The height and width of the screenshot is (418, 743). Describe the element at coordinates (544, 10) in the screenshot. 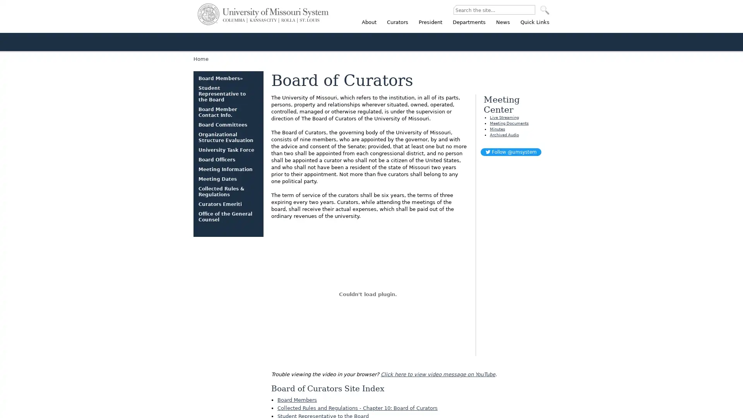

I see `SEARCH` at that location.